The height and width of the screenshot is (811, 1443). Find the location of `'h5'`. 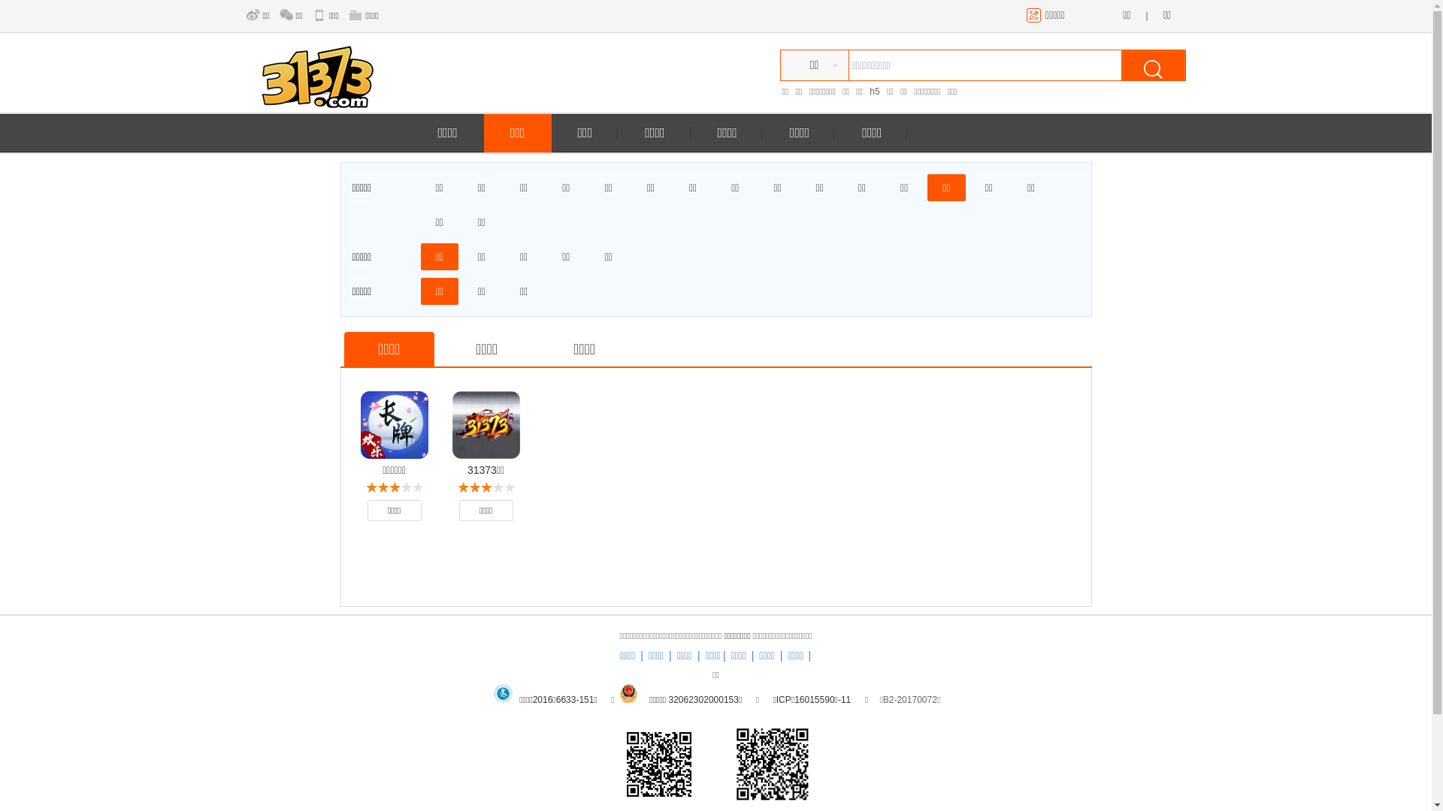

'h5' is located at coordinates (874, 92).